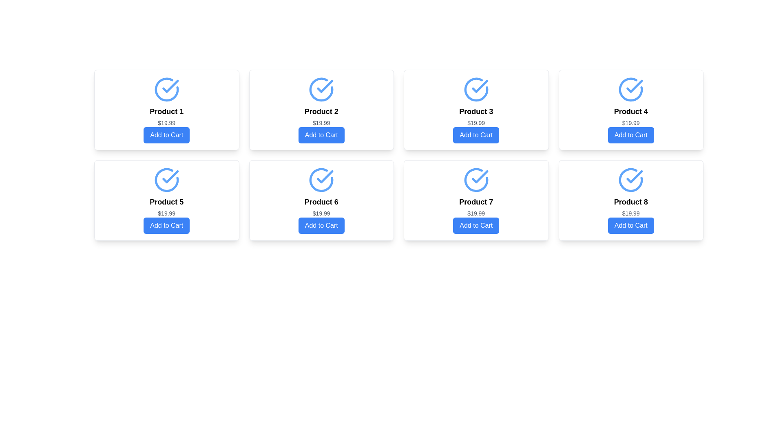 This screenshot has width=783, height=440. What do you see at coordinates (321, 180) in the screenshot?
I see `the confirmation icon located in the upper section of the card UI for 'Product 6', positioned centrally above the text labels and button` at bounding box center [321, 180].